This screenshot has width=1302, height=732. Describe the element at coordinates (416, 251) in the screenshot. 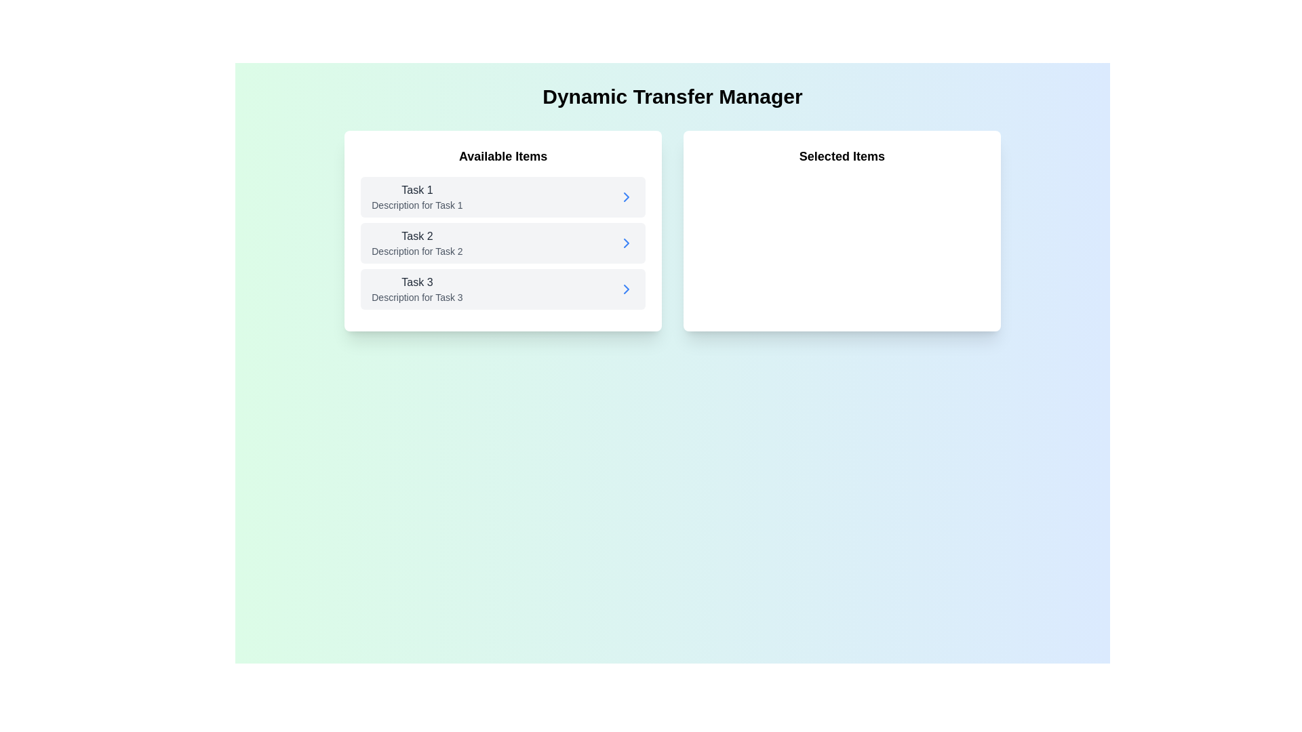

I see `the text label displaying 'Description for Task 2', which is styled with a smaller font size and gray color, located in the lower portion of the box under the title 'Task 2' in the 'Available Items' panel` at that location.